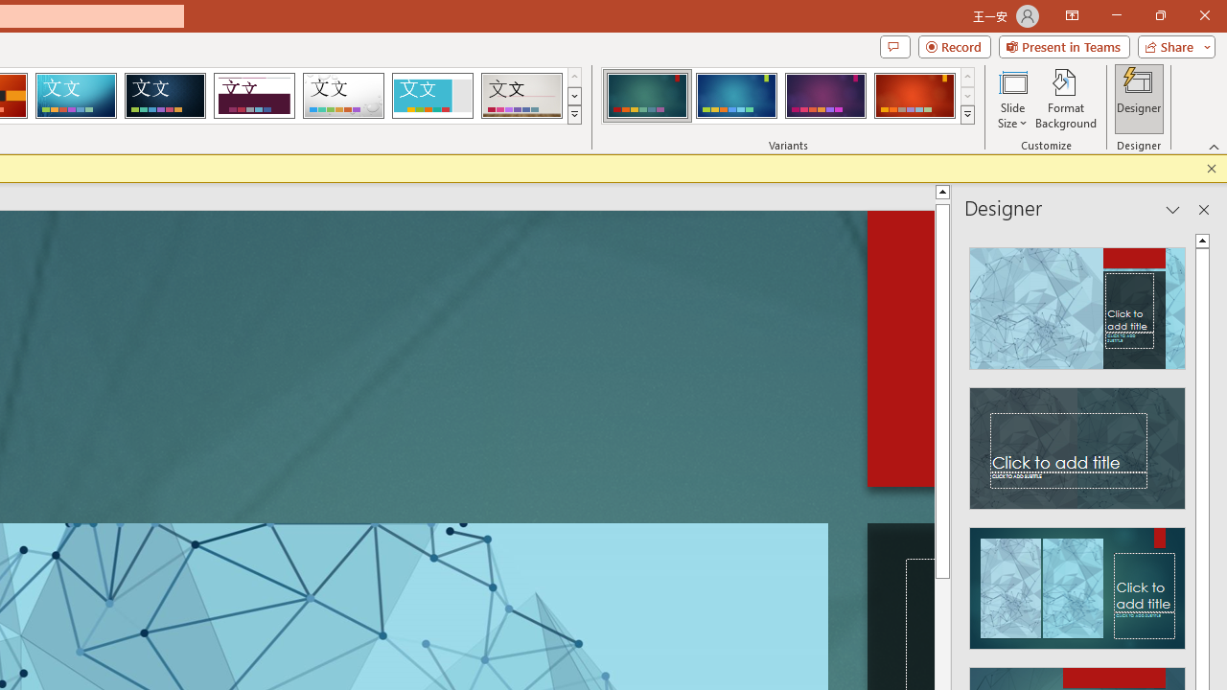 The image size is (1227, 690). Describe the element at coordinates (76, 96) in the screenshot. I see `'Circuit'` at that location.